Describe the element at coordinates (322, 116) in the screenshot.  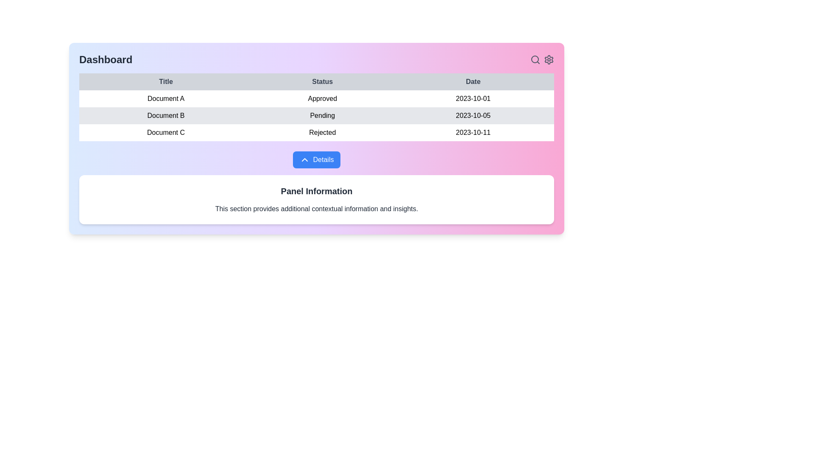
I see `the 'Pending' status text label located in the middle column of the three-column table structure, positioned in the second row` at that location.